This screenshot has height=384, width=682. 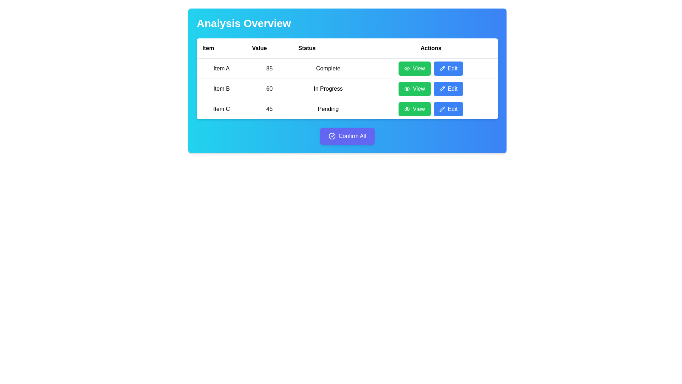 I want to click on the text label displaying 'Analysis Overview' which is located at the top of the interface in a gradient blue background, so click(x=244, y=23).